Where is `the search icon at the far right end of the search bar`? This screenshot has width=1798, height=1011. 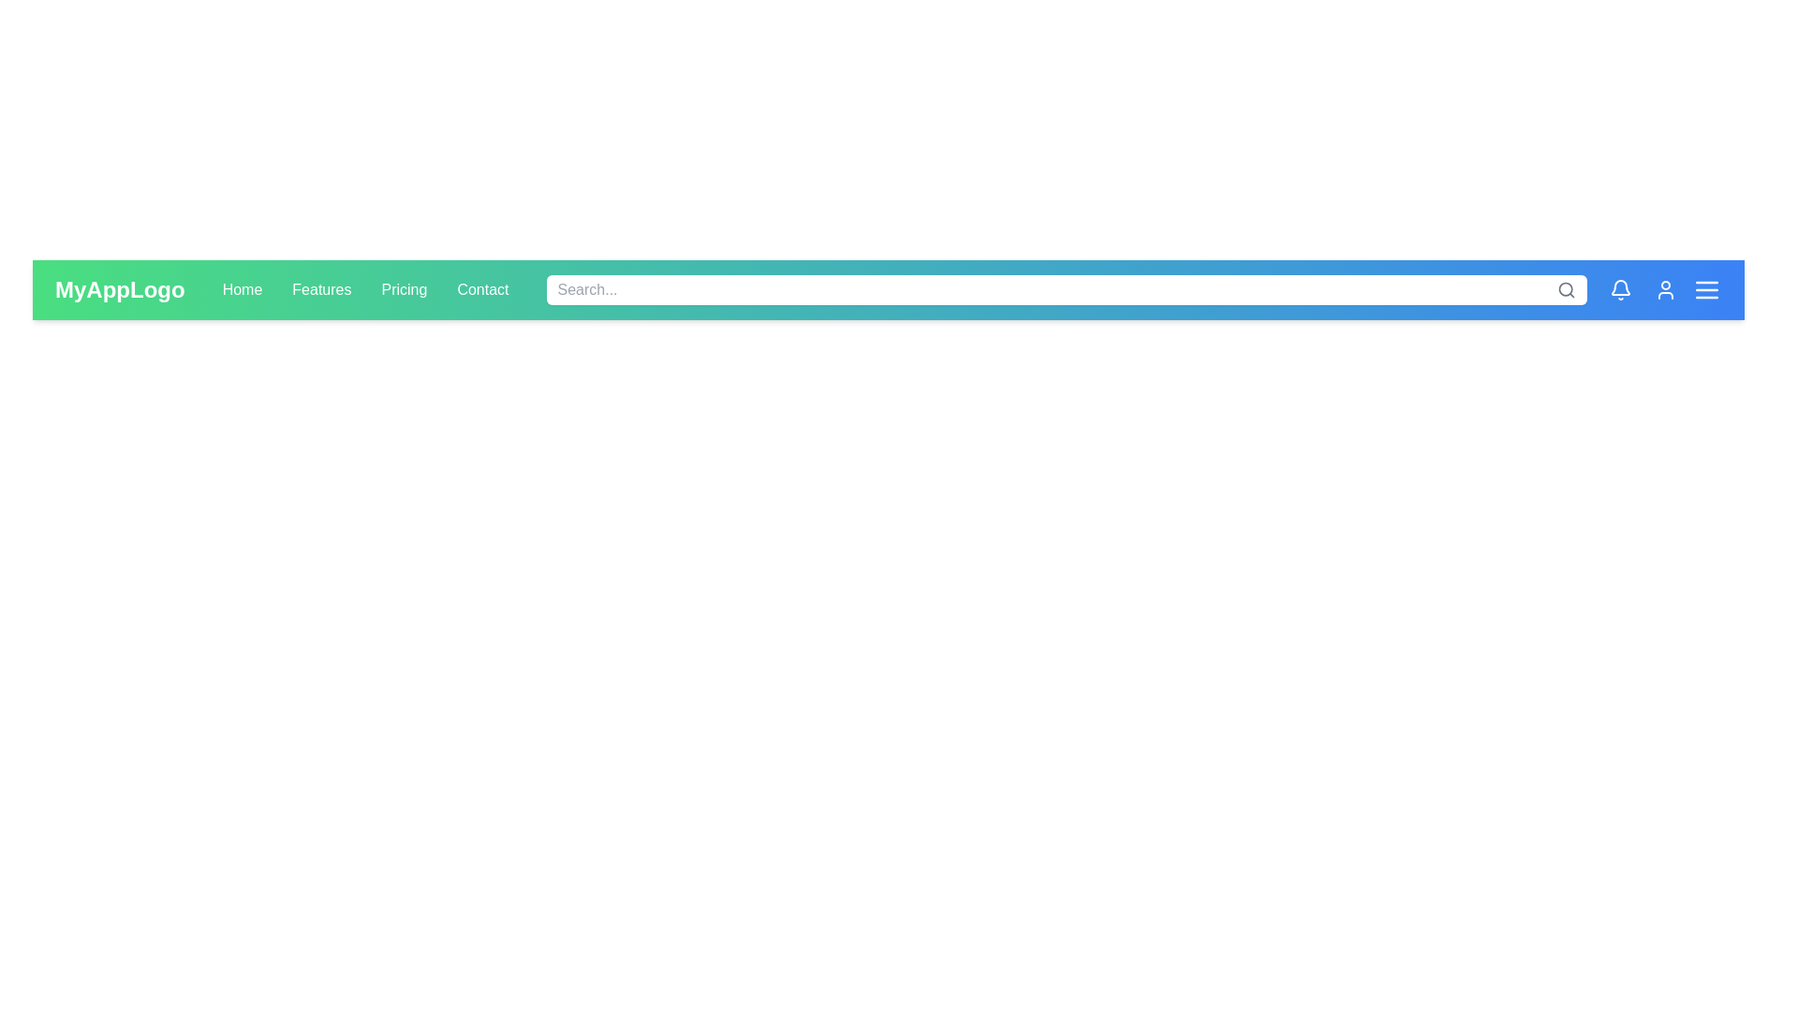
the search icon at the far right end of the search bar is located at coordinates (1567, 289).